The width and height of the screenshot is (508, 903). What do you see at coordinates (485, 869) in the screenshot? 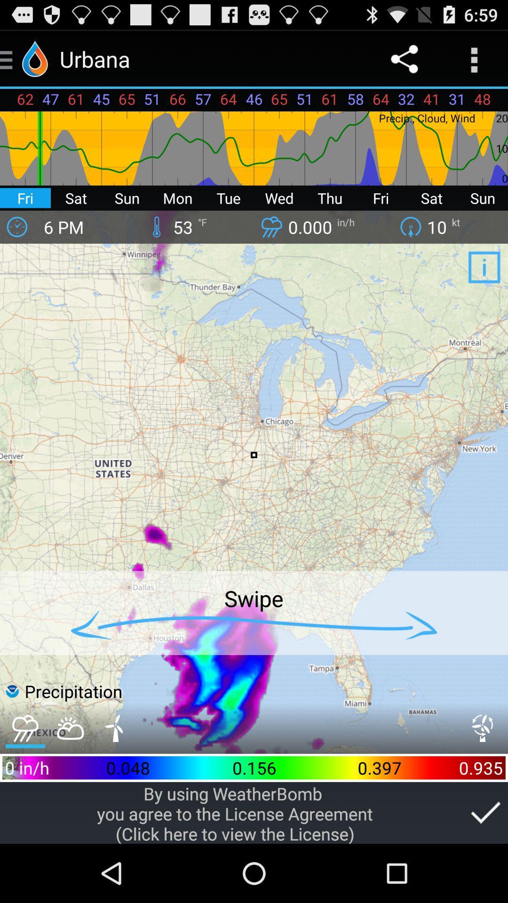
I see `the check icon` at bounding box center [485, 869].